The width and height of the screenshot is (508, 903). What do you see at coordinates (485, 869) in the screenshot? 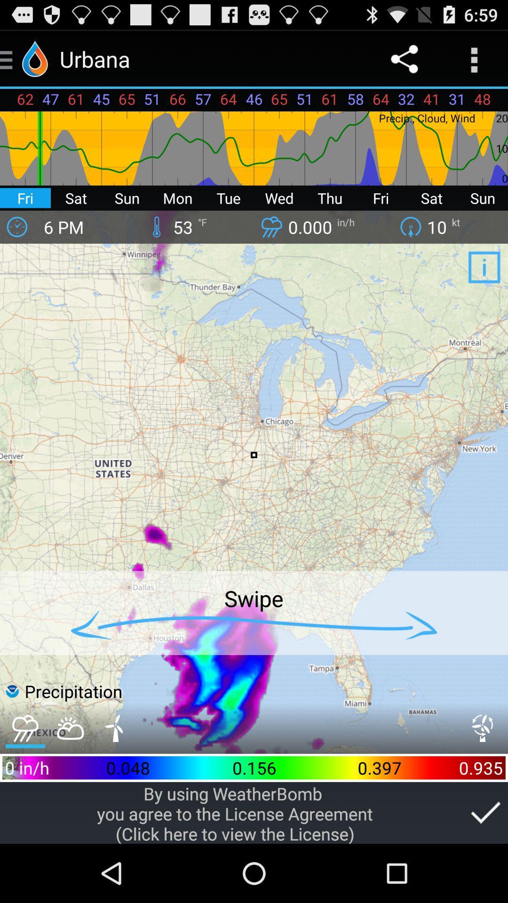
I see `the check icon` at bounding box center [485, 869].